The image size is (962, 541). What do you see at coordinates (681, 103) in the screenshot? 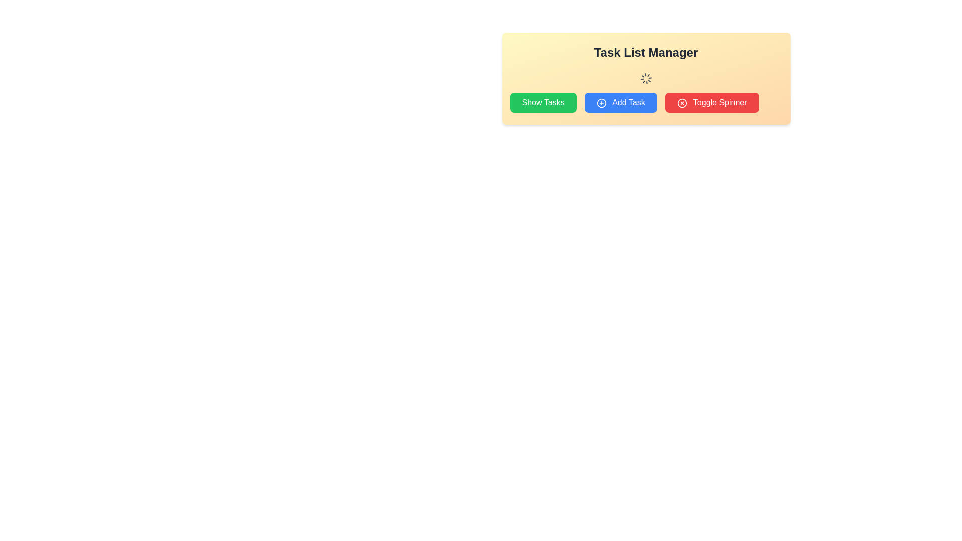
I see `the decorative icon located to the left of the 'Toggle Spinner' button within the red button in the bottom-right corner of the displayed card` at bounding box center [681, 103].